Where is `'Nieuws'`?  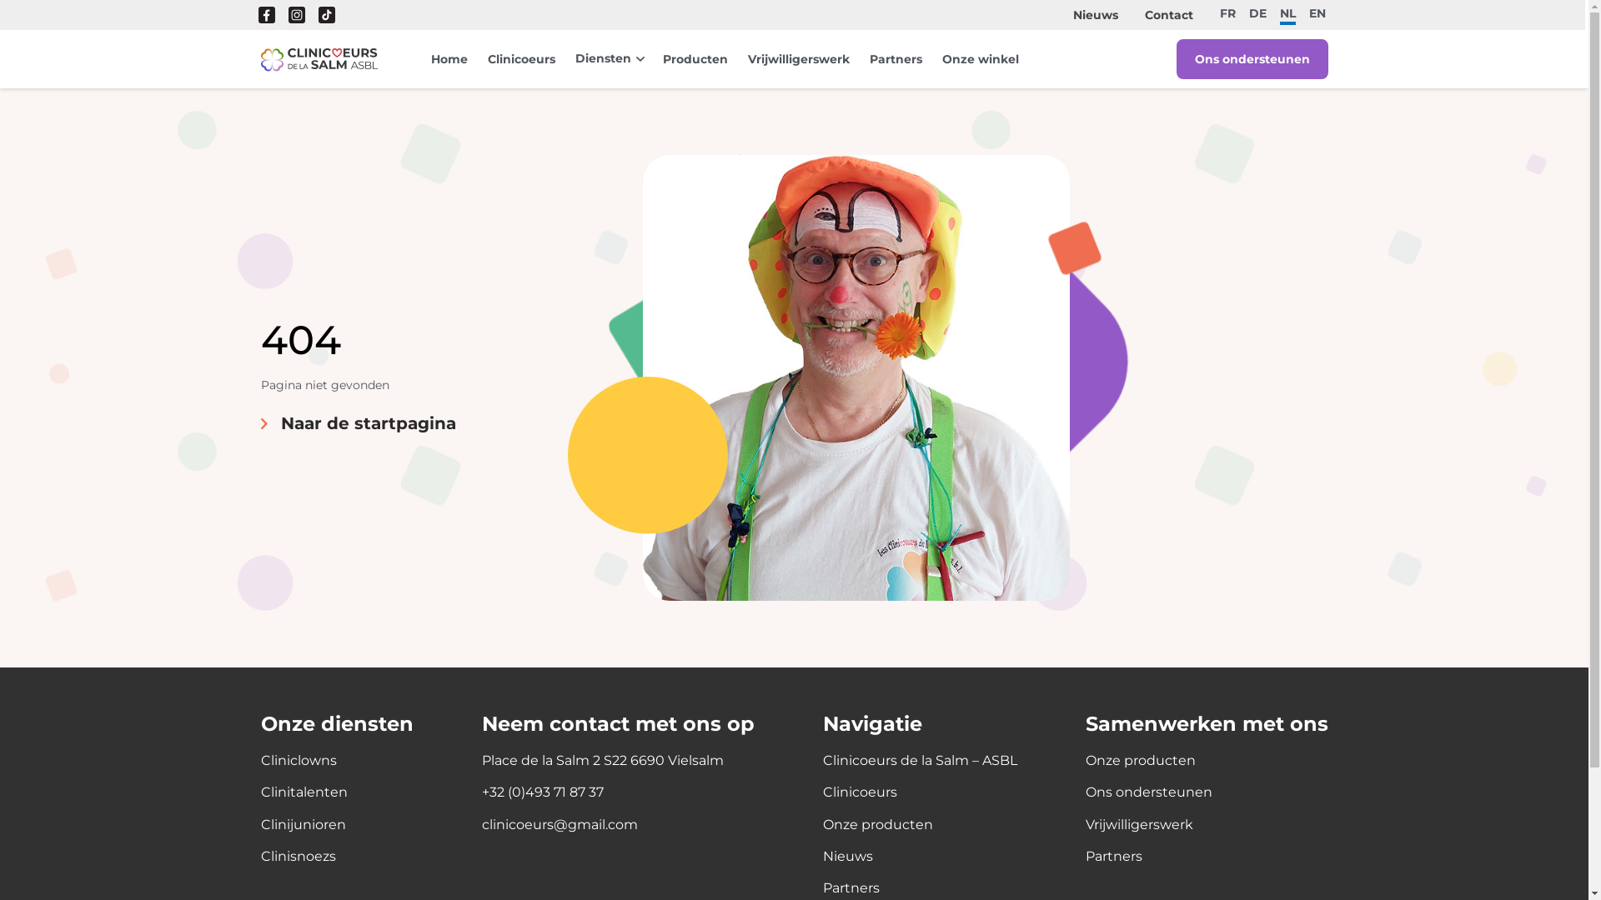
'Nieuws' is located at coordinates (1096, 15).